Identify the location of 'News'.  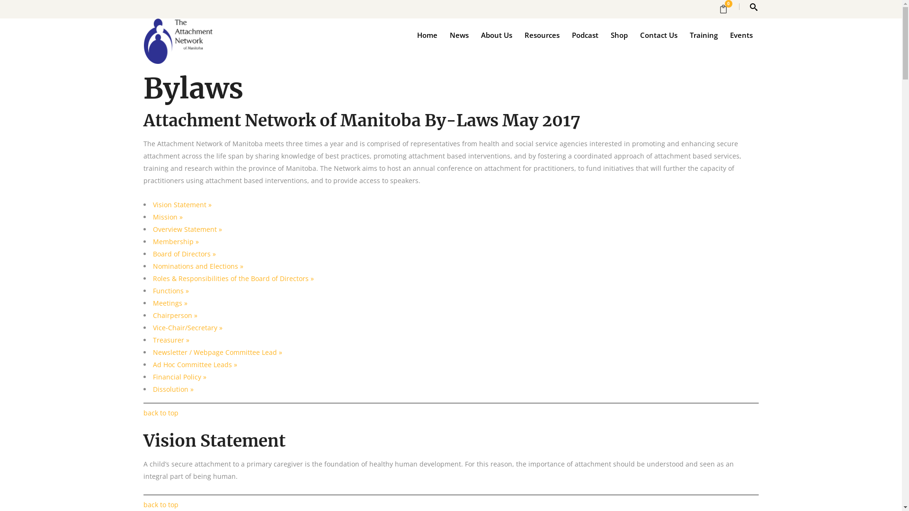
(443, 34).